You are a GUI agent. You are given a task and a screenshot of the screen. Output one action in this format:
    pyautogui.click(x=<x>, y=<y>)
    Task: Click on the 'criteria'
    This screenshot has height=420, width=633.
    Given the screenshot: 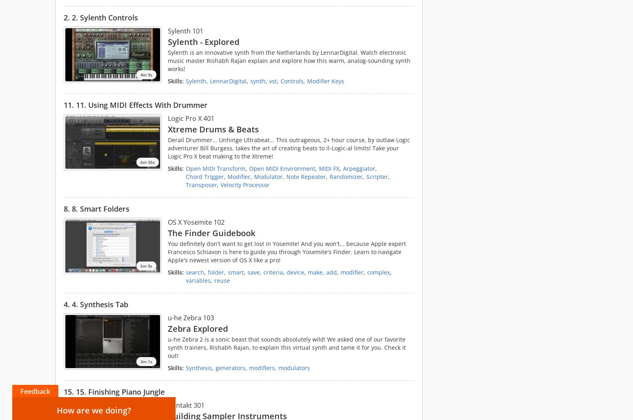 What is the action you would take?
    pyautogui.click(x=272, y=272)
    